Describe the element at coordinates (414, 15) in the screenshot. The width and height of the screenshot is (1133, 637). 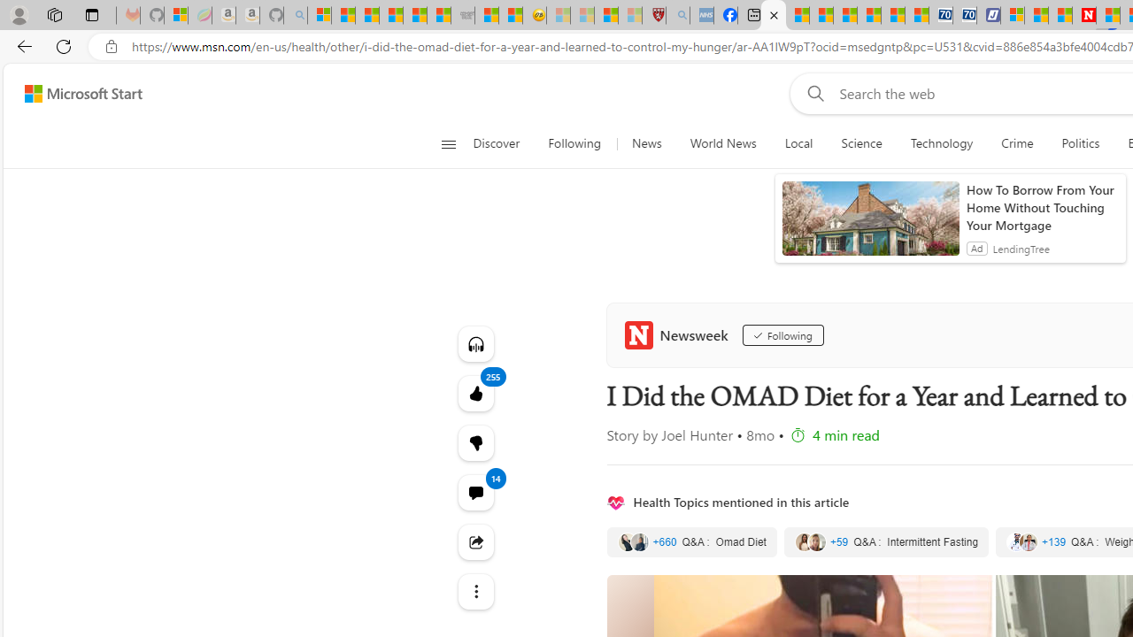
I see `'New Report Confirms 2023 Was Record Hot | Watch'` at that location.